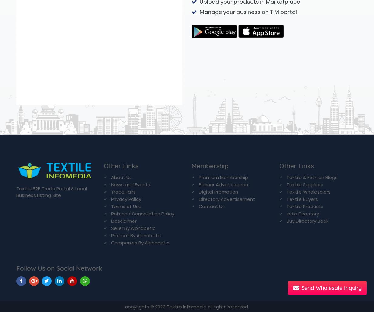 This screenshot has width=374, height=312. What do you see at coordinates (126, 17) in the screenshot?
I see `'Terms of Use'` at bounding box center [126, 17].